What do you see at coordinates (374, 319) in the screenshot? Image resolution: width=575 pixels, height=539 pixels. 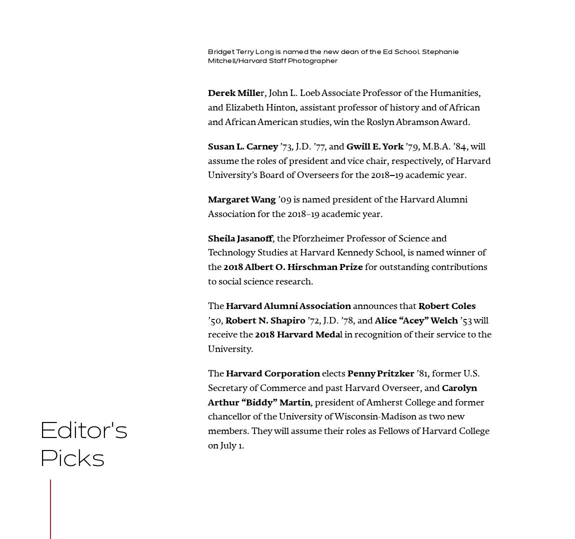 I see `'Alice “Acey” Welch'` at bounding box center [374, 319].